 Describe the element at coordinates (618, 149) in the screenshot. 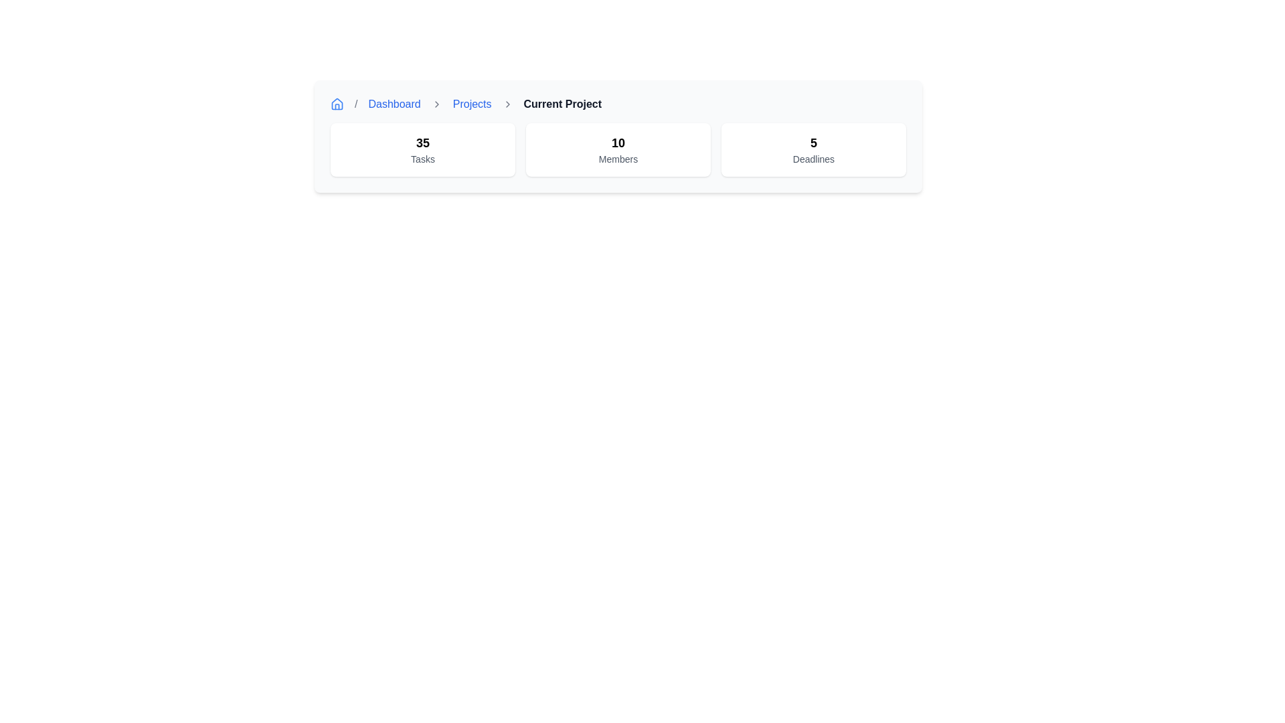

I see `displayed information from the informational box that summarizes the number of members associated with the project, located in the center column of the grid layout` at that location.